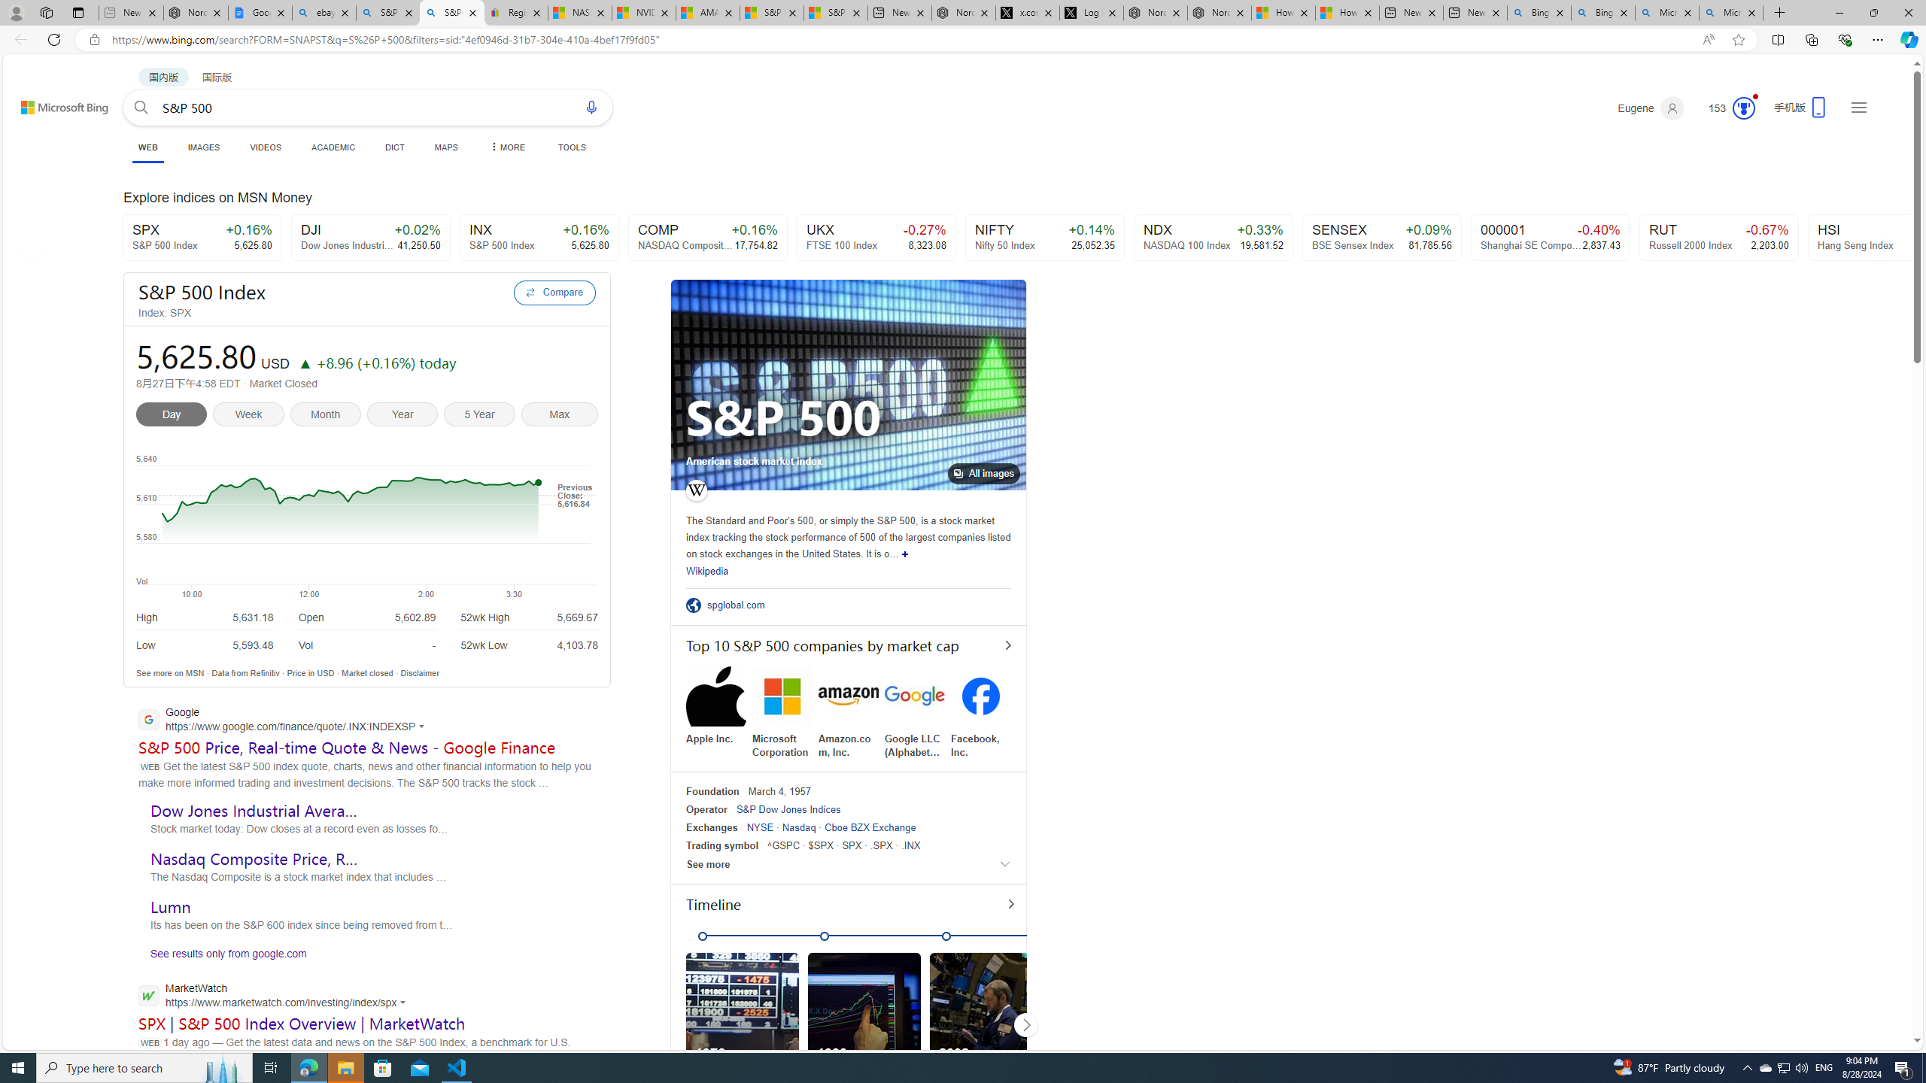 This screenshot has width=1926, height=1083. What do you see at coordinates (451, 12) in the screenshot?
I see `'S&P 500 - Search'` at bounding box center [451, 12].